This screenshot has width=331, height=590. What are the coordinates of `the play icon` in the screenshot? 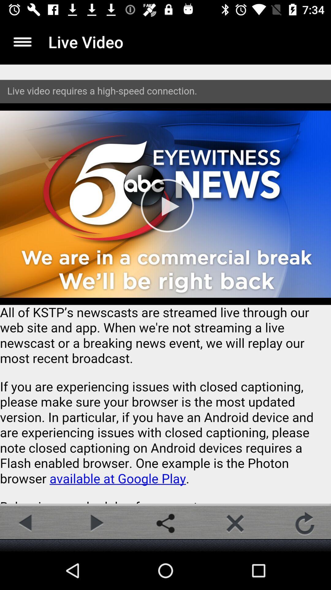 It's located at (96, 523).